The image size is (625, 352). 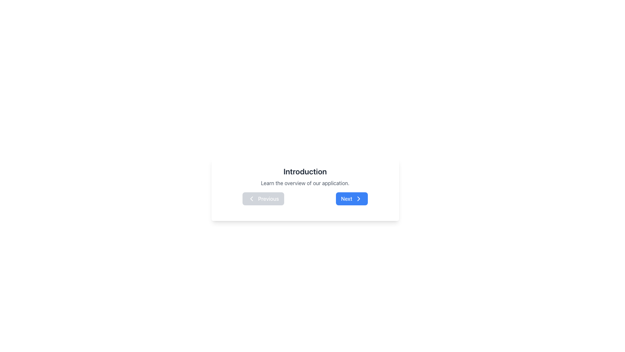 I want to click on the 'Previous' button with a left-pointing chevron icon and the text 'Previous', so click(x=263, y=198).